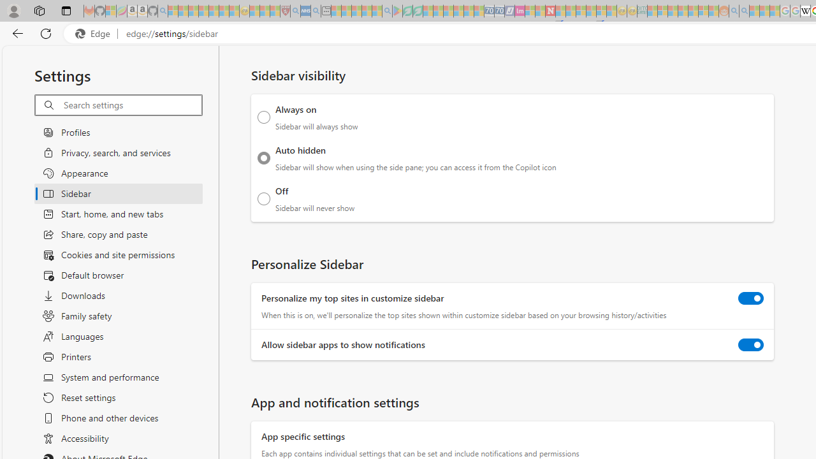  Describe the element at coordinates (263, 198) in the screenshot. I see `'Off Sidebar will never show'` at that location.